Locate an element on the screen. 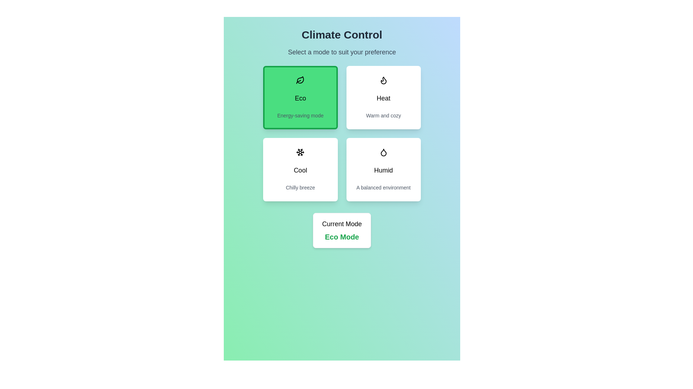  the mode Eco by clicking on the respective button is located at coordinates (300, 97).